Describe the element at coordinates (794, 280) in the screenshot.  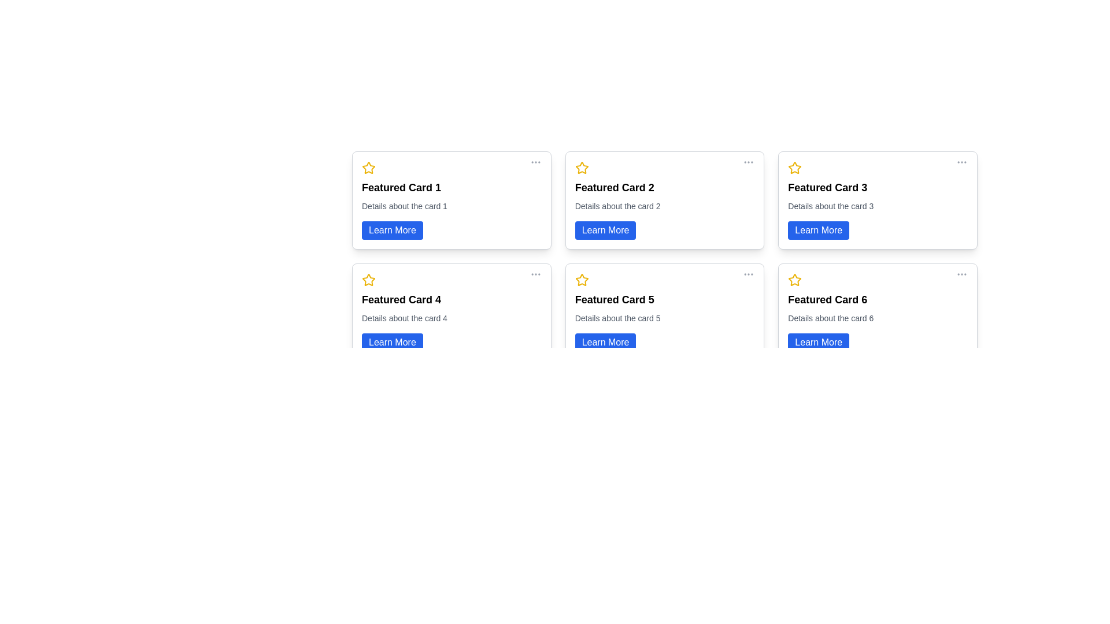
I see `the star icon located at the top left corner of the 'Featured Card 6', indicating its priority or featured status` at that location.